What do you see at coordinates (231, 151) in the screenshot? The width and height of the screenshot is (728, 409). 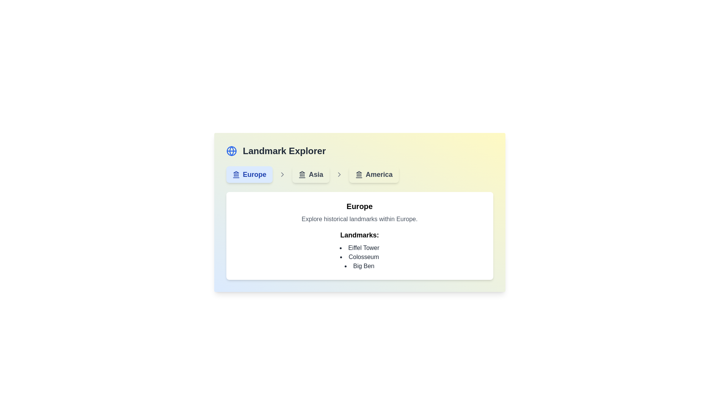 I see `the globe icon, which is styled in blue and located to the left of the 'Landmark Explorer' title text in the header area of the panel` at bounding box center [231, 151].